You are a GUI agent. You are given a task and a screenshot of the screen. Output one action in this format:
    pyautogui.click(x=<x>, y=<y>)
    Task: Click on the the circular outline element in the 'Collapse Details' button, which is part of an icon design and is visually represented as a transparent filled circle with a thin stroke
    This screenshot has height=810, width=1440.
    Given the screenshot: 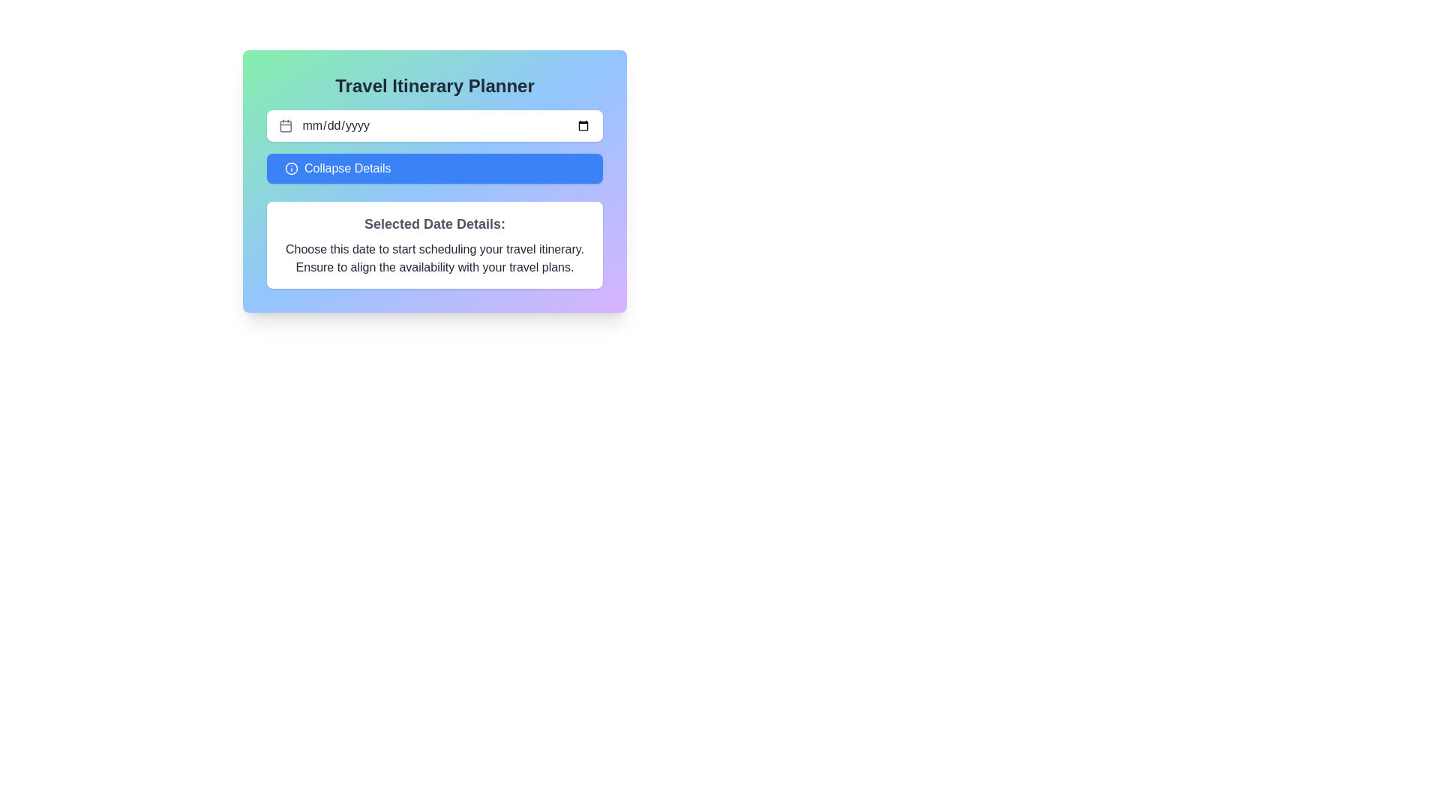 What is the action you would take?
    pyautogui.click(x=291, y=168)
    